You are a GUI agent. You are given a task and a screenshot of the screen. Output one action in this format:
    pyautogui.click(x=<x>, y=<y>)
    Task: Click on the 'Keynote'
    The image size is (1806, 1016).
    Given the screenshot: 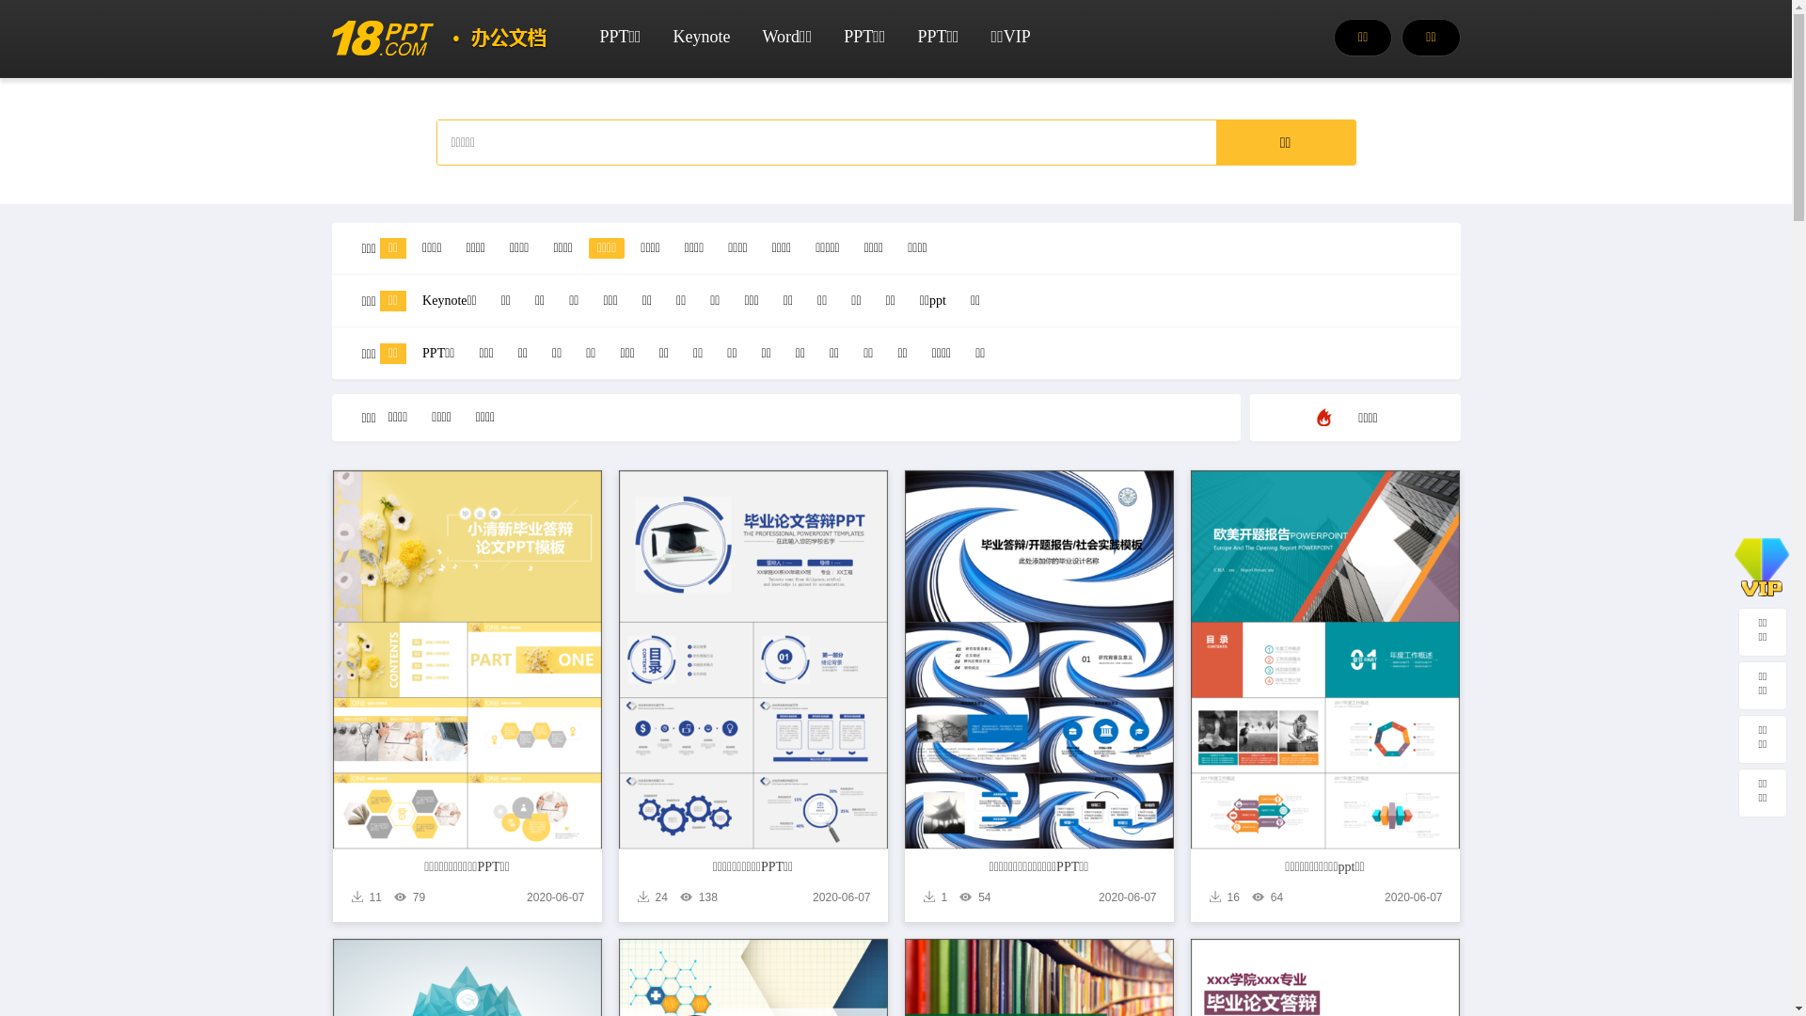 What is the action you would take?
    pyautogui.click(x=701, y=36)
    